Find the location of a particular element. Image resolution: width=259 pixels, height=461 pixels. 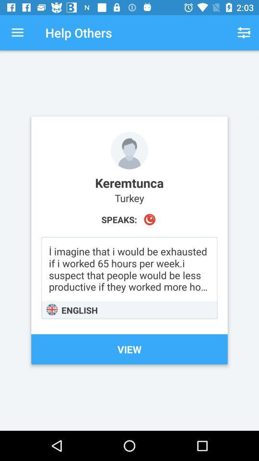

the chat is located at coordinates (129, 278).